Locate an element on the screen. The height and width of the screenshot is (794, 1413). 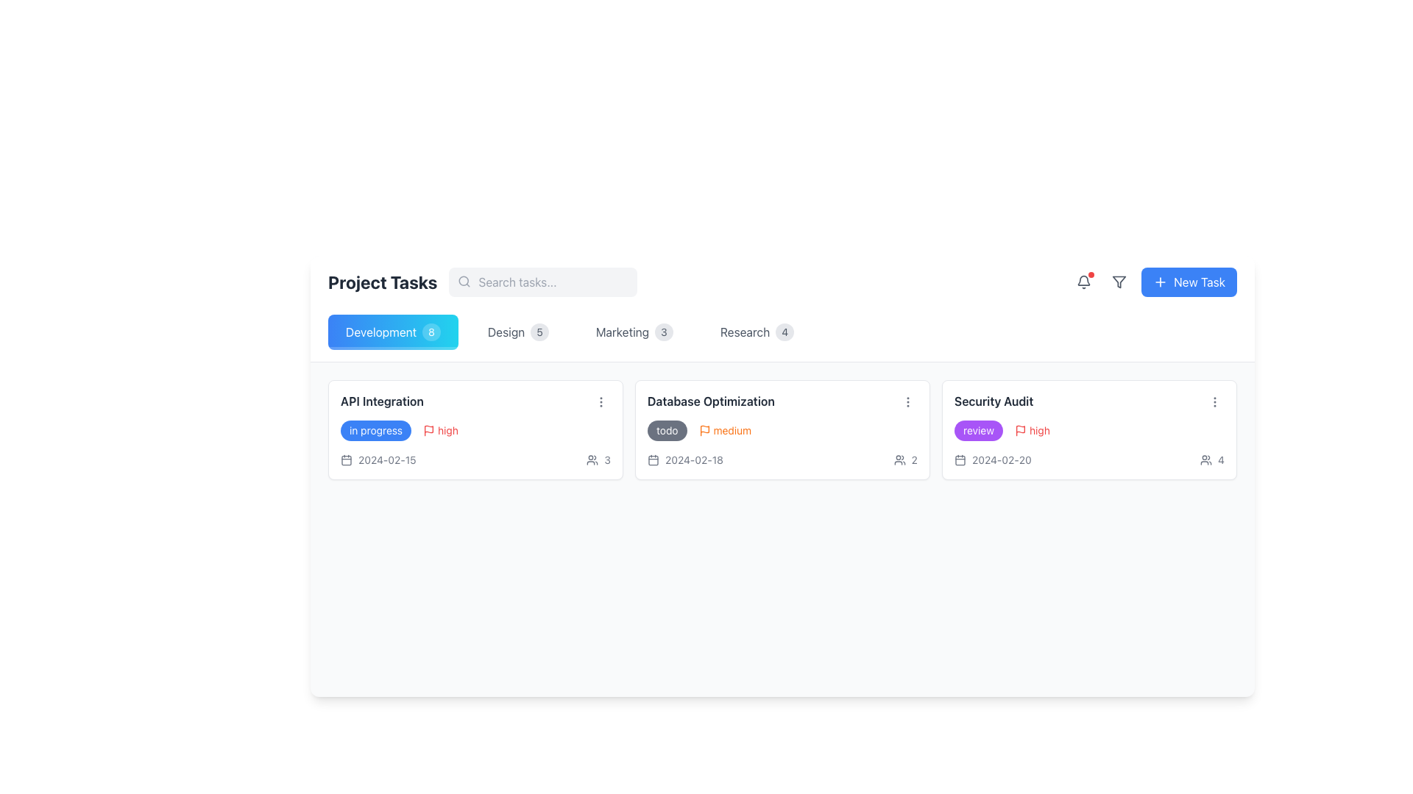
to select the category 'Design' from the navigation bar, which is positioned as the second category after 'Development' is located at coordinates (518, 332).